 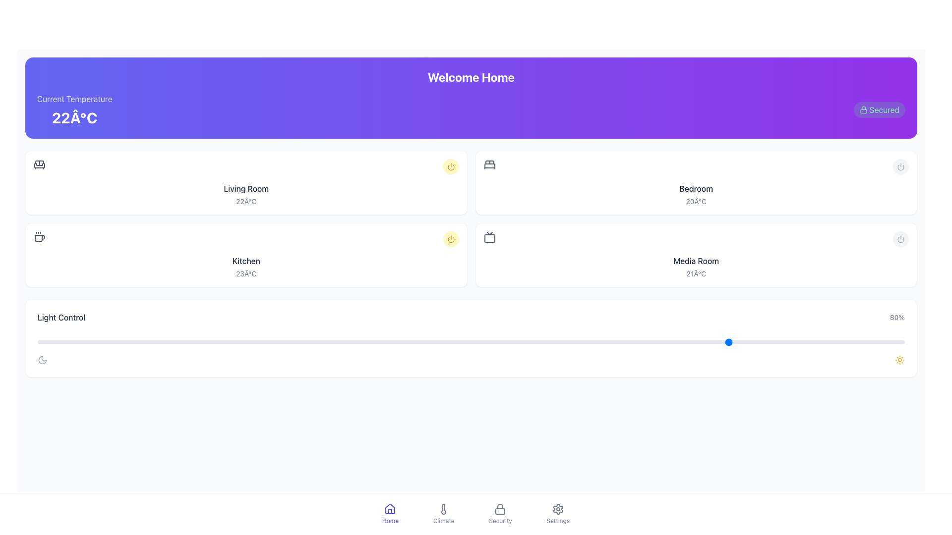 What do you see at coordinates (450, 167) in the screenshot?
I see `the power button icon, which is a segment of a circle located in the bottom right corner of the 'Kitchen' section card, to potentially view additional details or status` at bounding box center [450, 167].